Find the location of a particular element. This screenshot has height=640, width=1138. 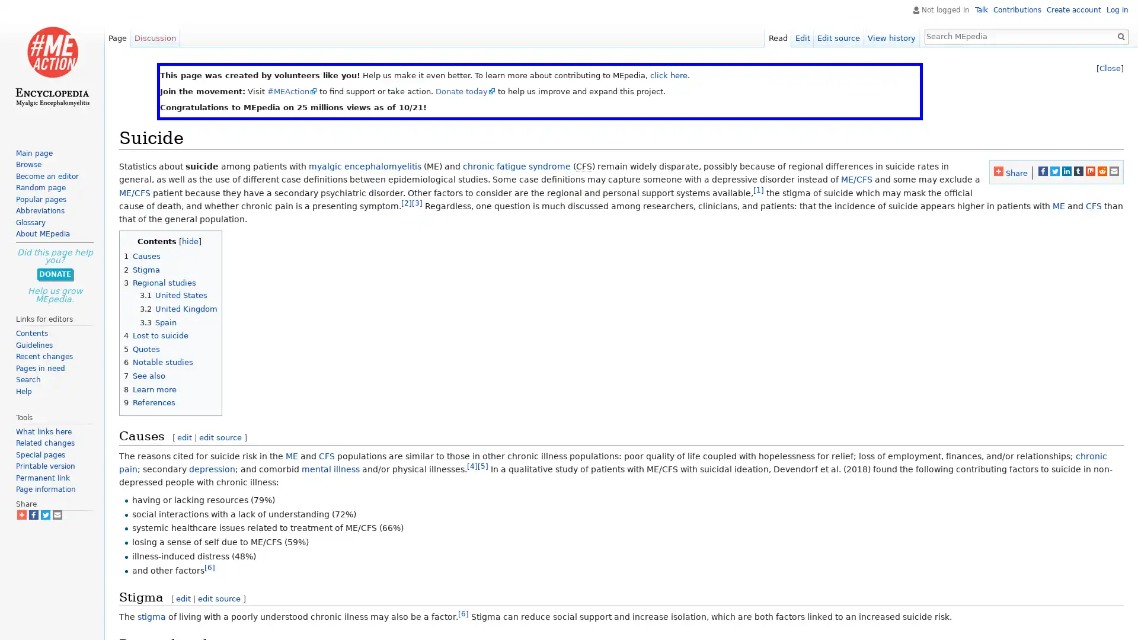

hide is located at coordinates (190, 240).